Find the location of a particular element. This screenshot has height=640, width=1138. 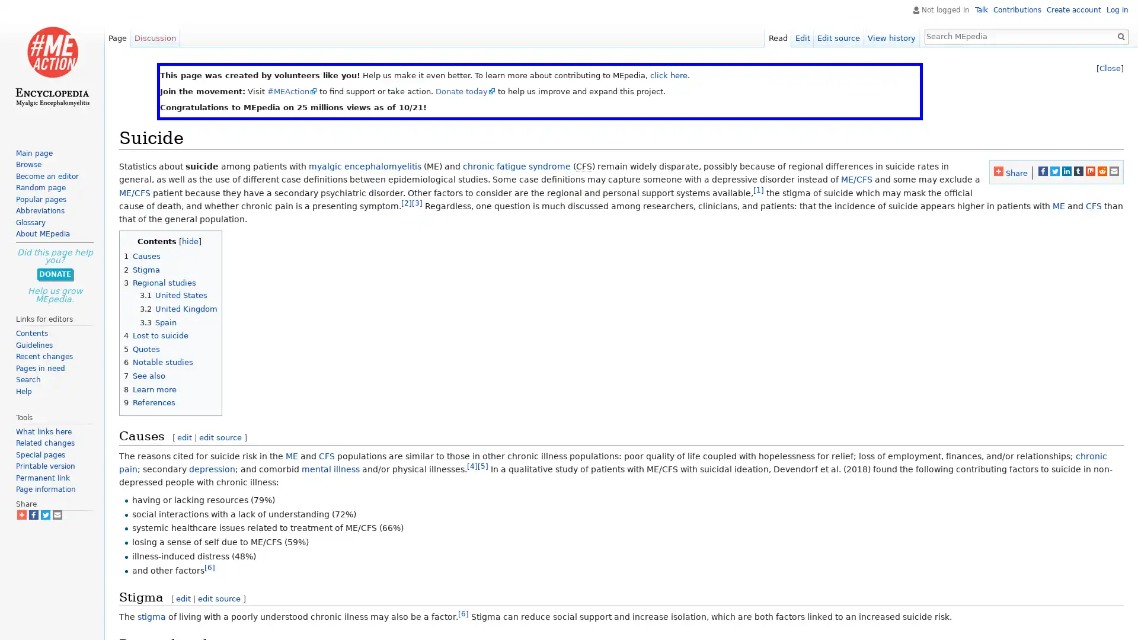

hide is located at coordinates (190, 240).